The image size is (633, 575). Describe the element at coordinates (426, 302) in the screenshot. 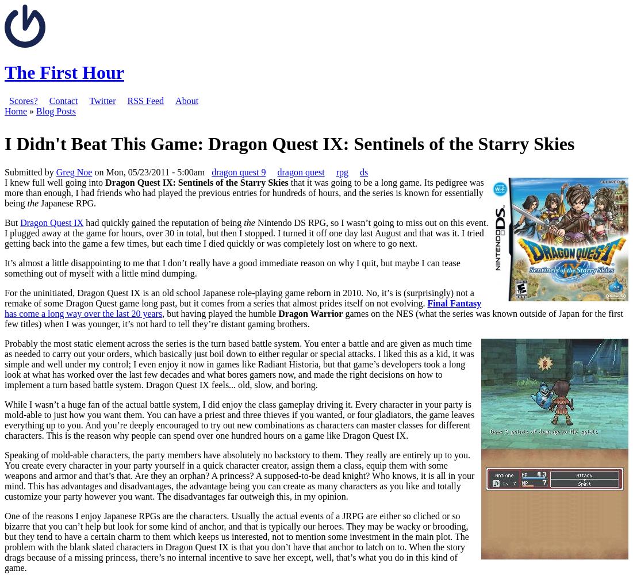

I see `'Final Fantasy'` at that location.